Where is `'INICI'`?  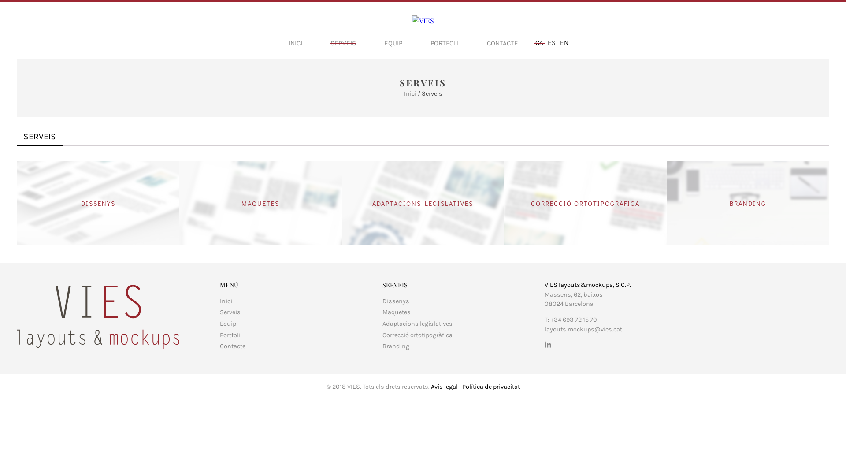 'INICI' is located at coordinates (295, 43).